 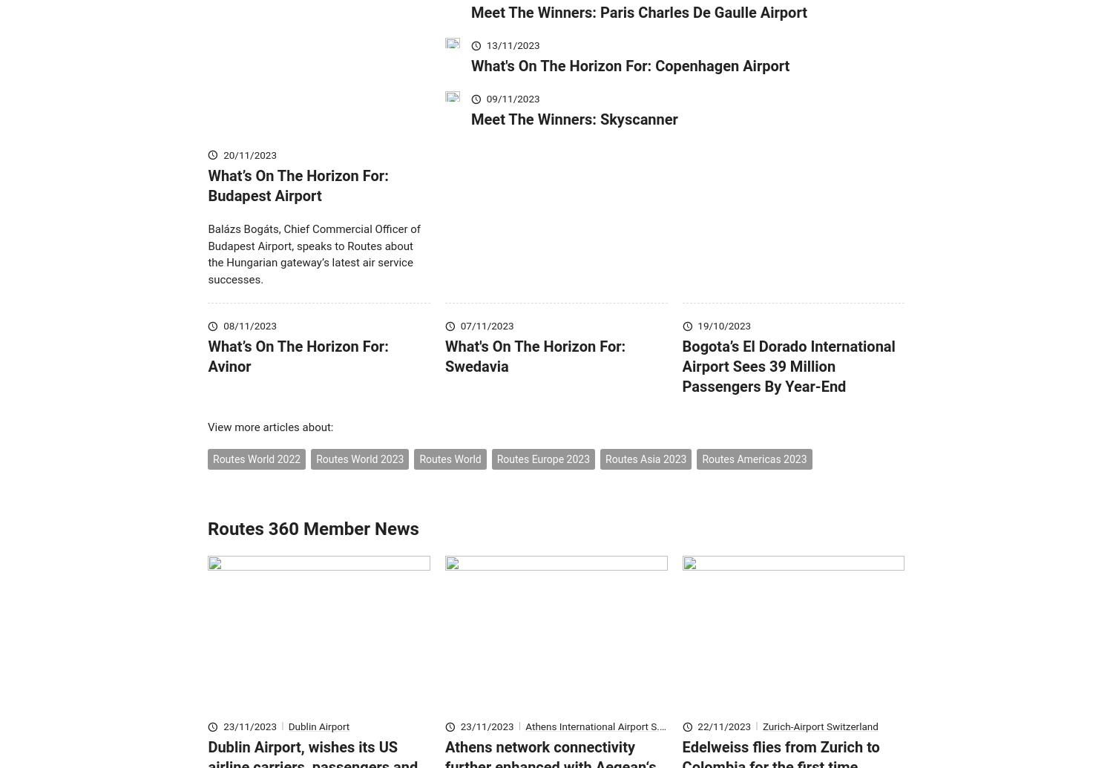 What do you see at coordinates (628, 88) in the screenshot?
I see `'What's On The Horizon For: Copenhagen Airport'` at bounding box center [628, 88].